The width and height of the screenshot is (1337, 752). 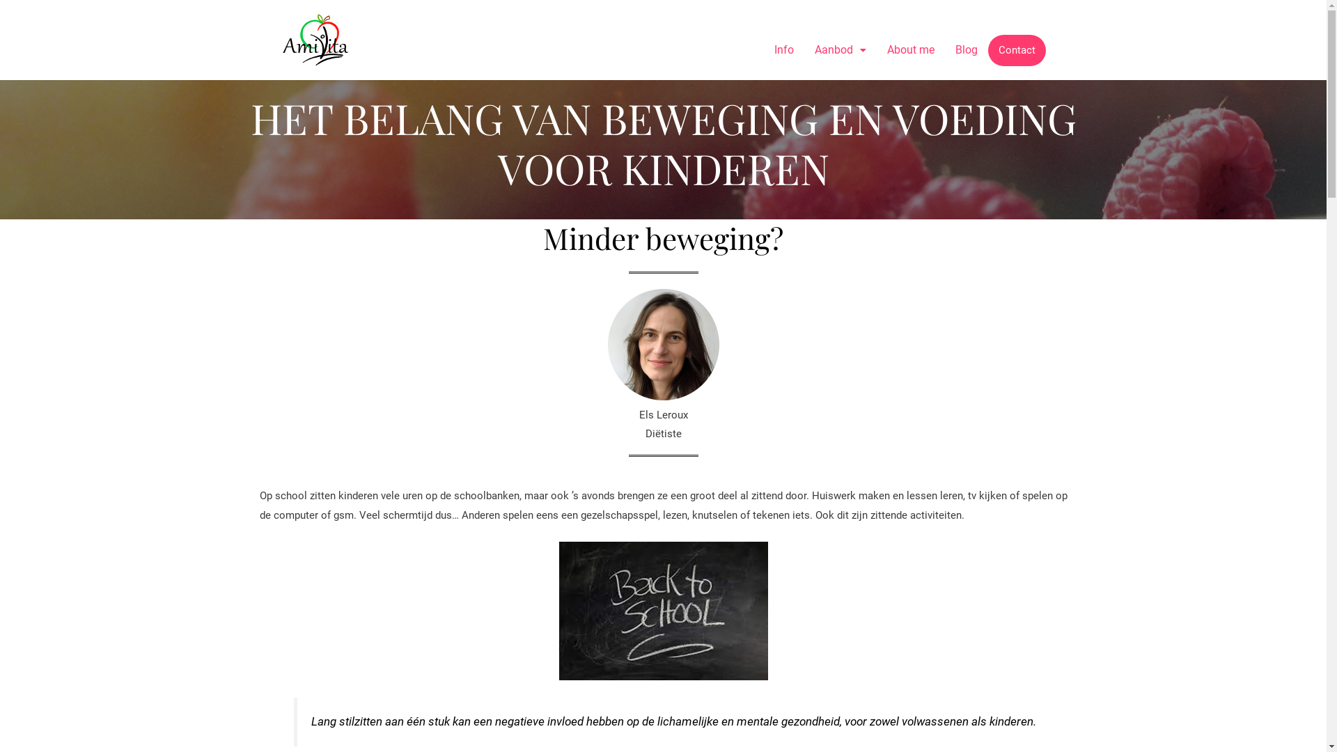 I want to click on 'About me', so click(x=911, y=49).